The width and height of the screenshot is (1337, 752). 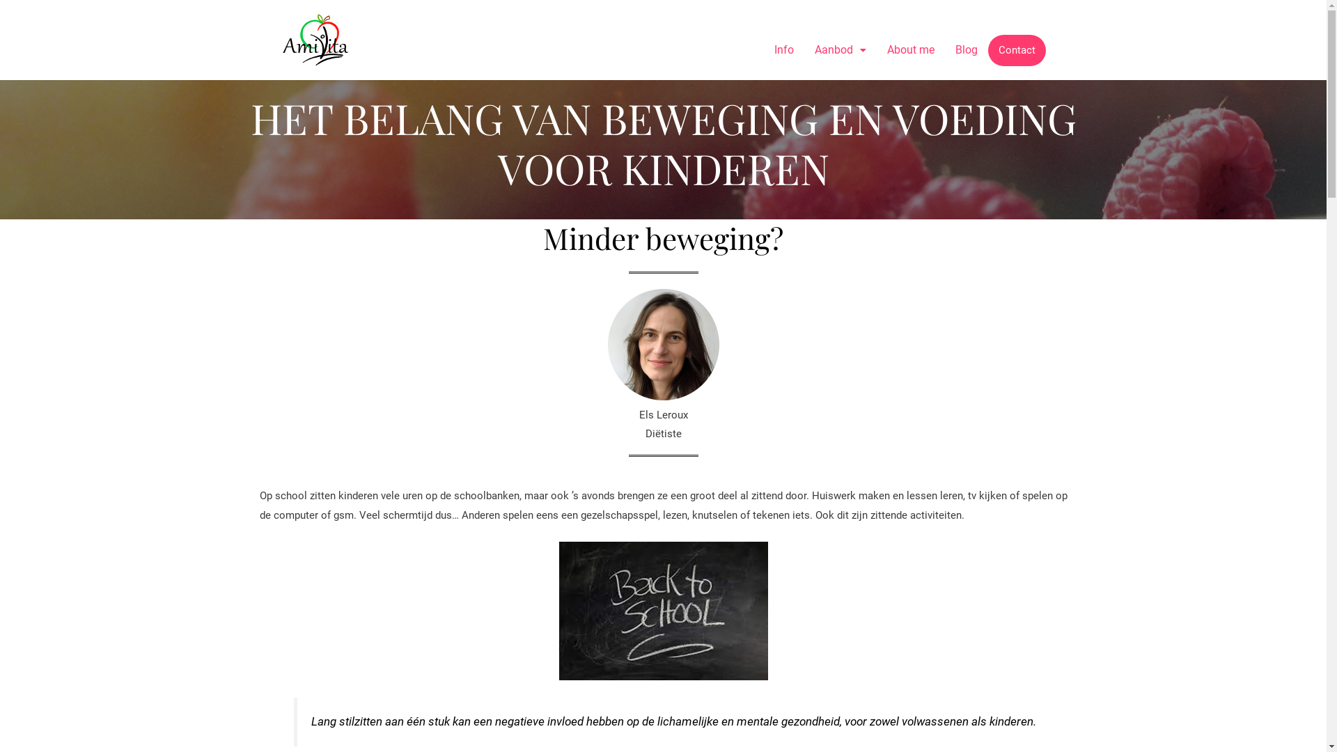 I want to click on 'About me', so click(x=911, y=49).